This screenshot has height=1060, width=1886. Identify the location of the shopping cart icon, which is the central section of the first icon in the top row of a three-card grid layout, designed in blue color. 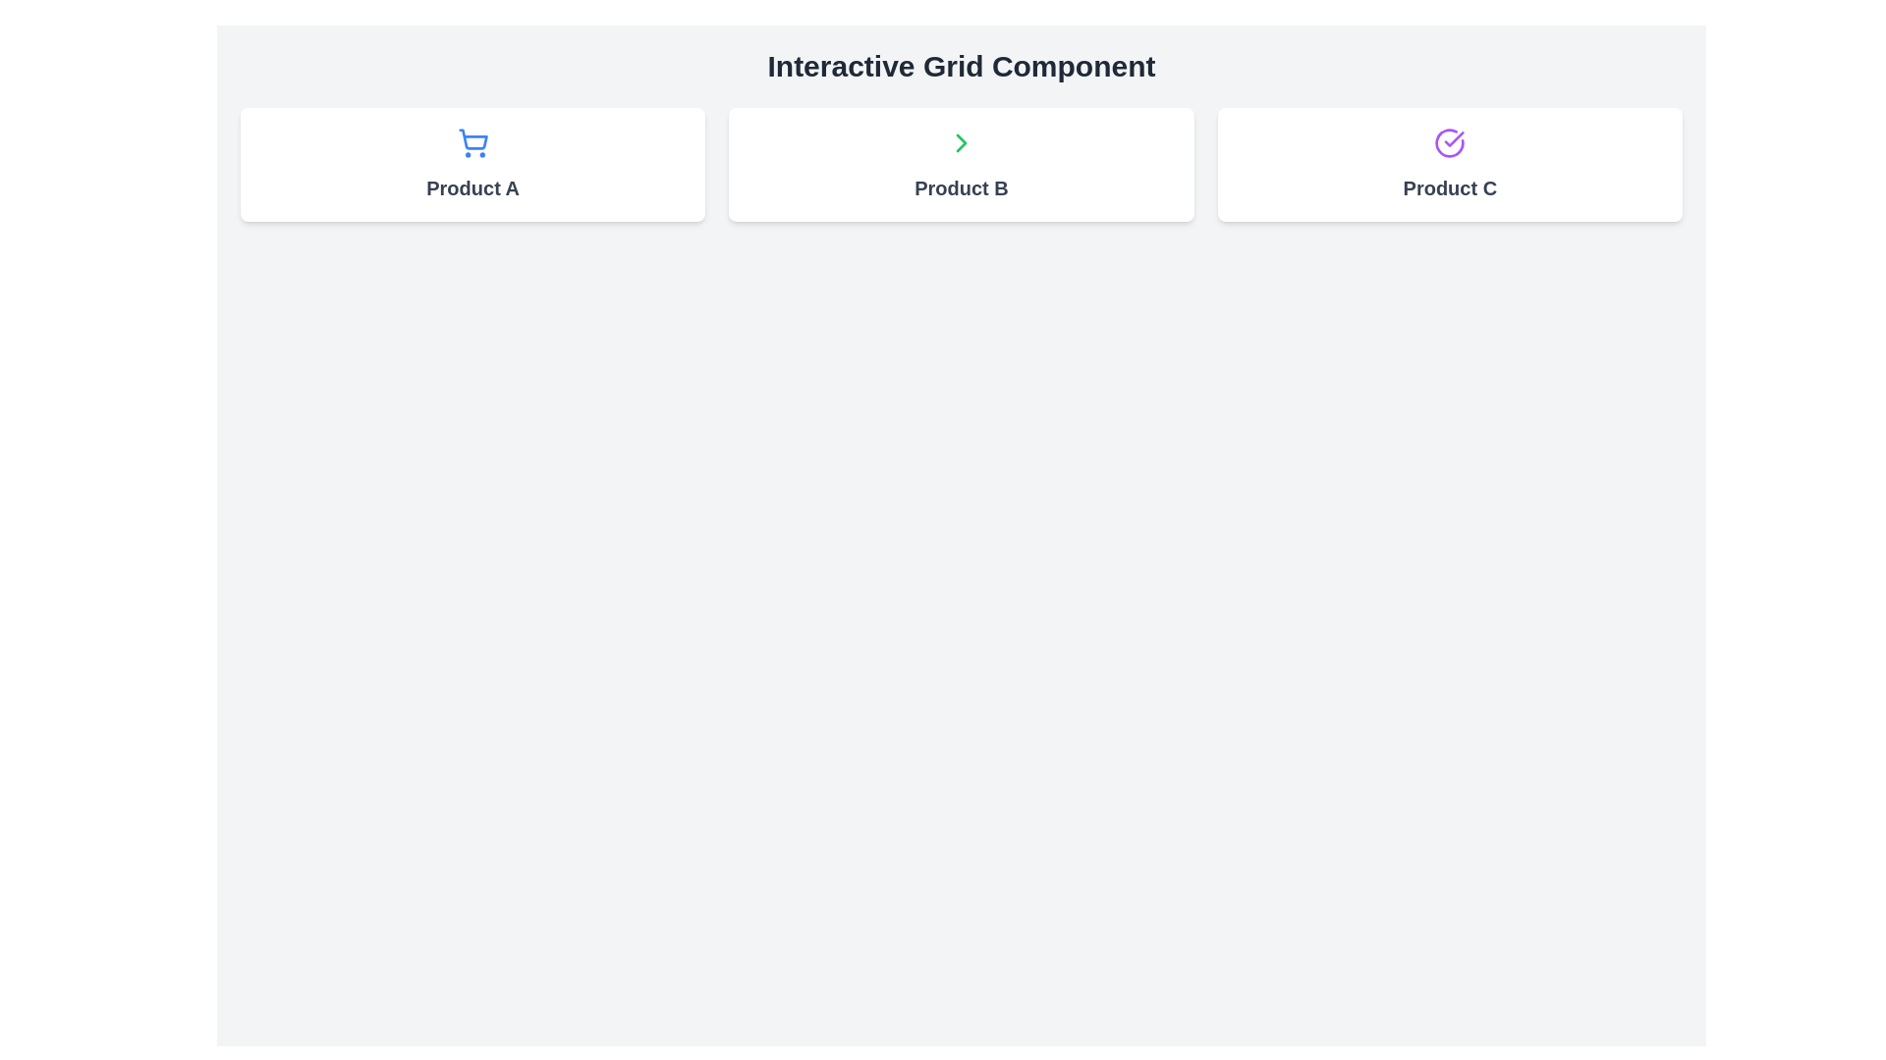
(472, 138).